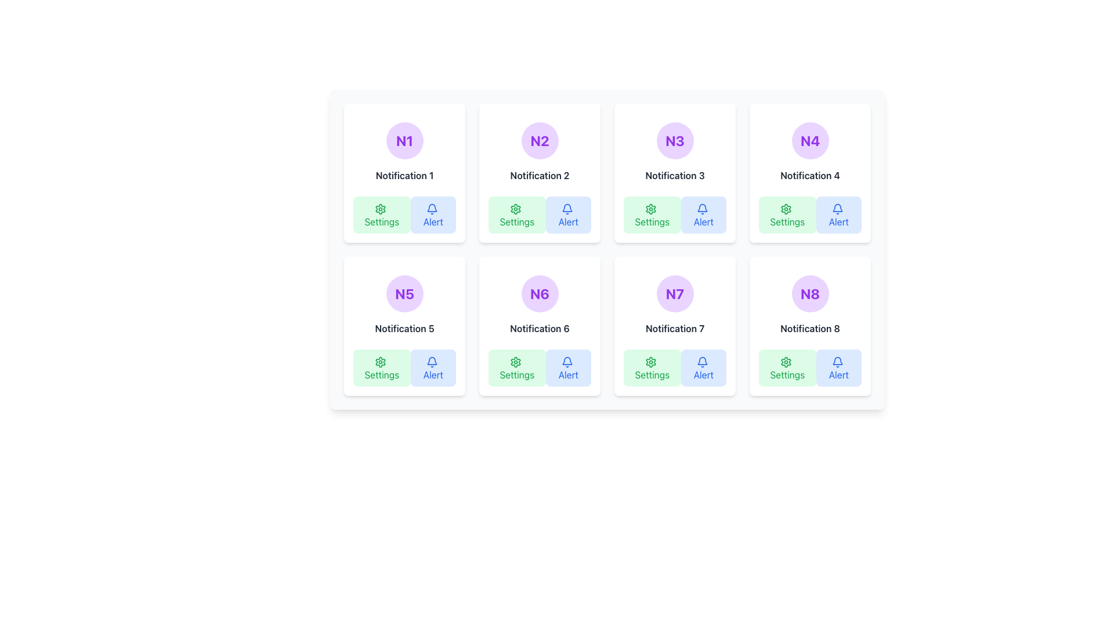 This screenshot has height=626, width=1114. What do you see at coordinates (515, 209) in the screenshot?
I see `the small gear icon with a green outline, located next to the 'Settings' label within the green button under 'Notification 2'` at bounding box center [515, 209].